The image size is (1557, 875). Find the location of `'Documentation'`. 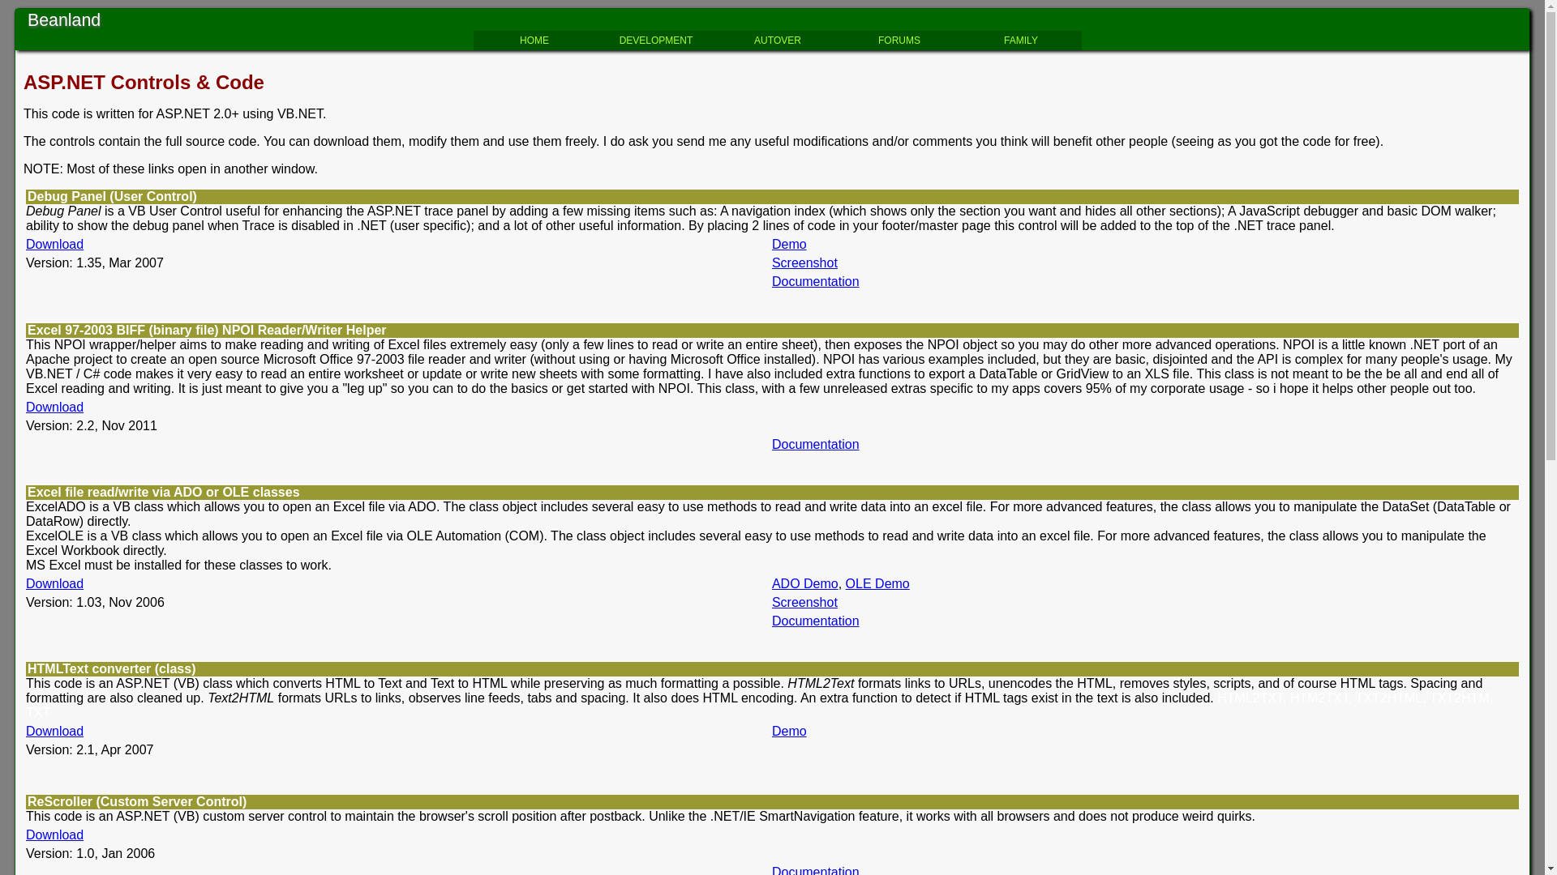

'Documentation' is located at coordinates (816, 280).